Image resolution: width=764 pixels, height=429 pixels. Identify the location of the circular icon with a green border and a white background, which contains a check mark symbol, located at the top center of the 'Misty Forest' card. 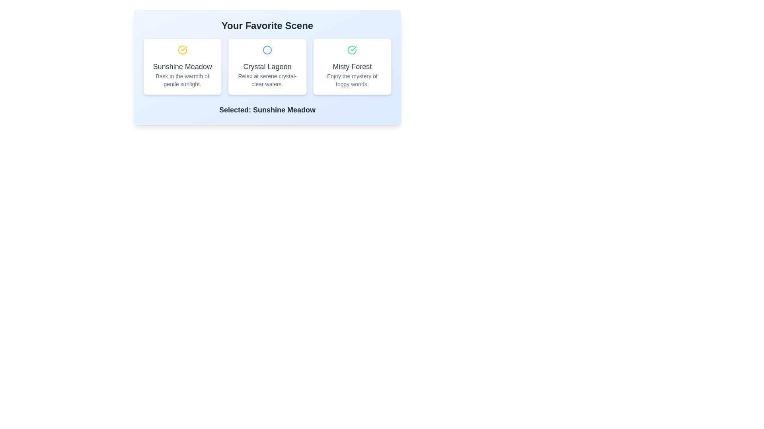
(352, 50).